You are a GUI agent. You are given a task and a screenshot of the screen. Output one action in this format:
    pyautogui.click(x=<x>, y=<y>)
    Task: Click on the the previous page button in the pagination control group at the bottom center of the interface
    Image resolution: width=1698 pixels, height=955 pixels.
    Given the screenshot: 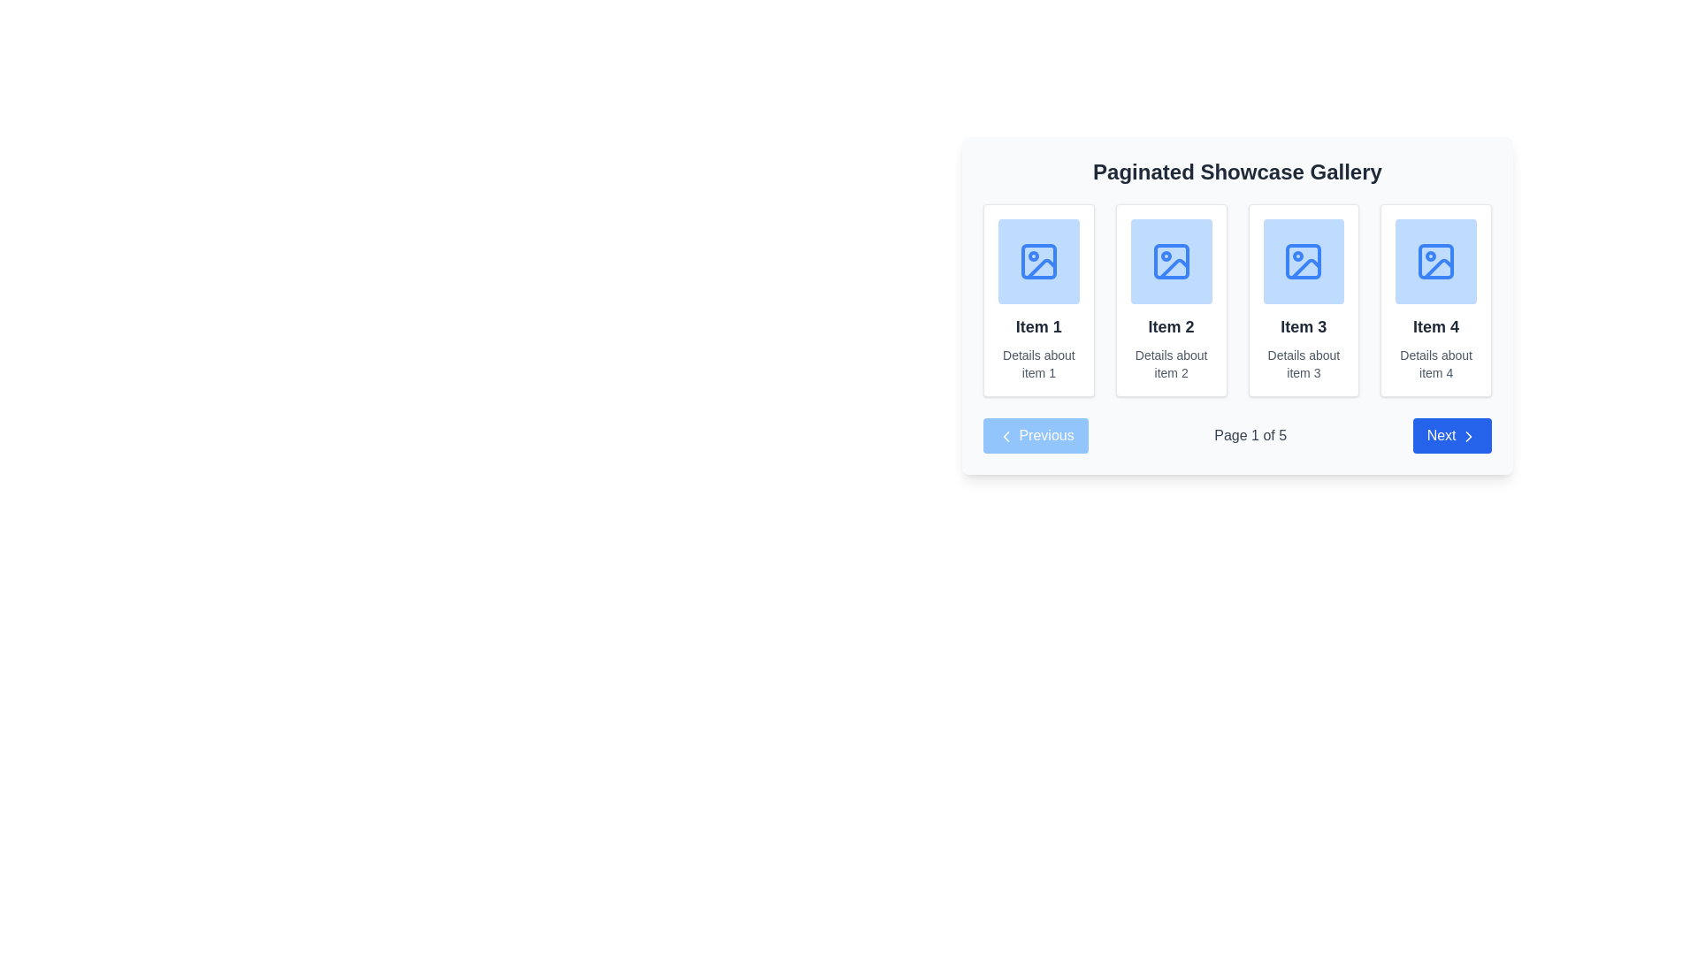 What is the action you would take?
    pyautogui.click(x=1036, y=436)
    